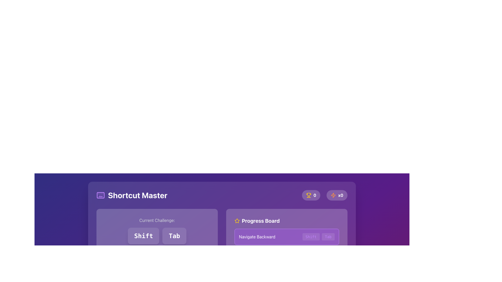 Image resolution: width=502 pixels, height=282 pixels. Describe the element at coordinates (337, 195) in the screenshot. I see `the Status indicator with an orange lightning bolt icon and the text 'x0', located in the top-right corner of the interface` at that location.